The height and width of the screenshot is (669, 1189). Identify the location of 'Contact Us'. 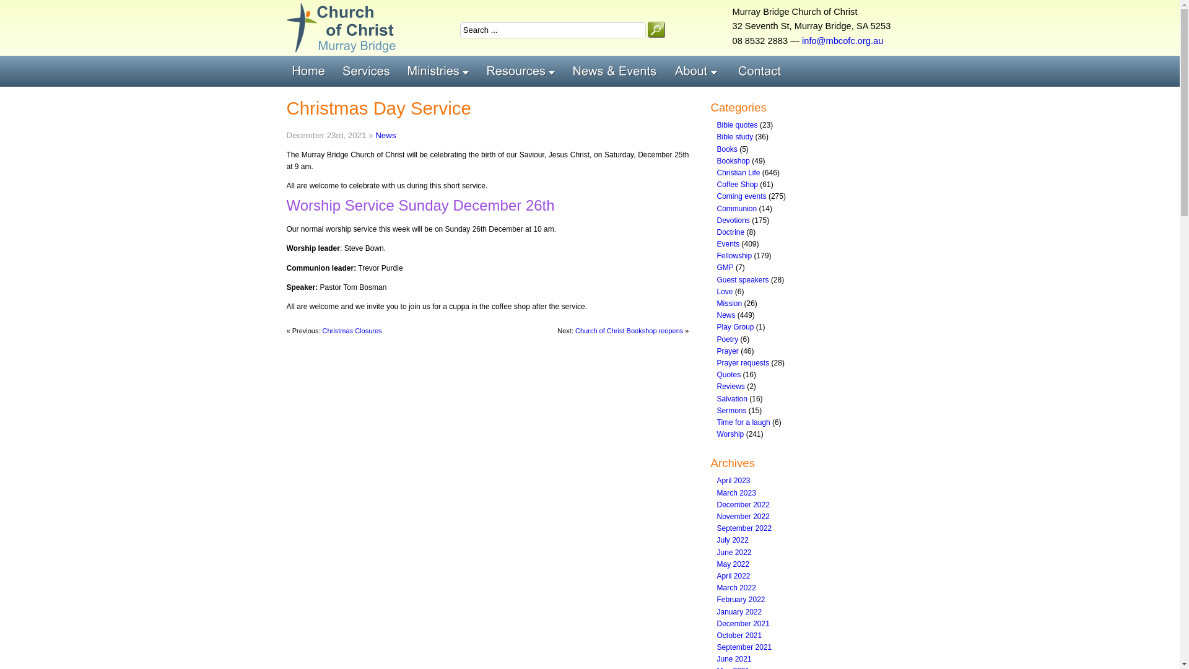
(761, 71).